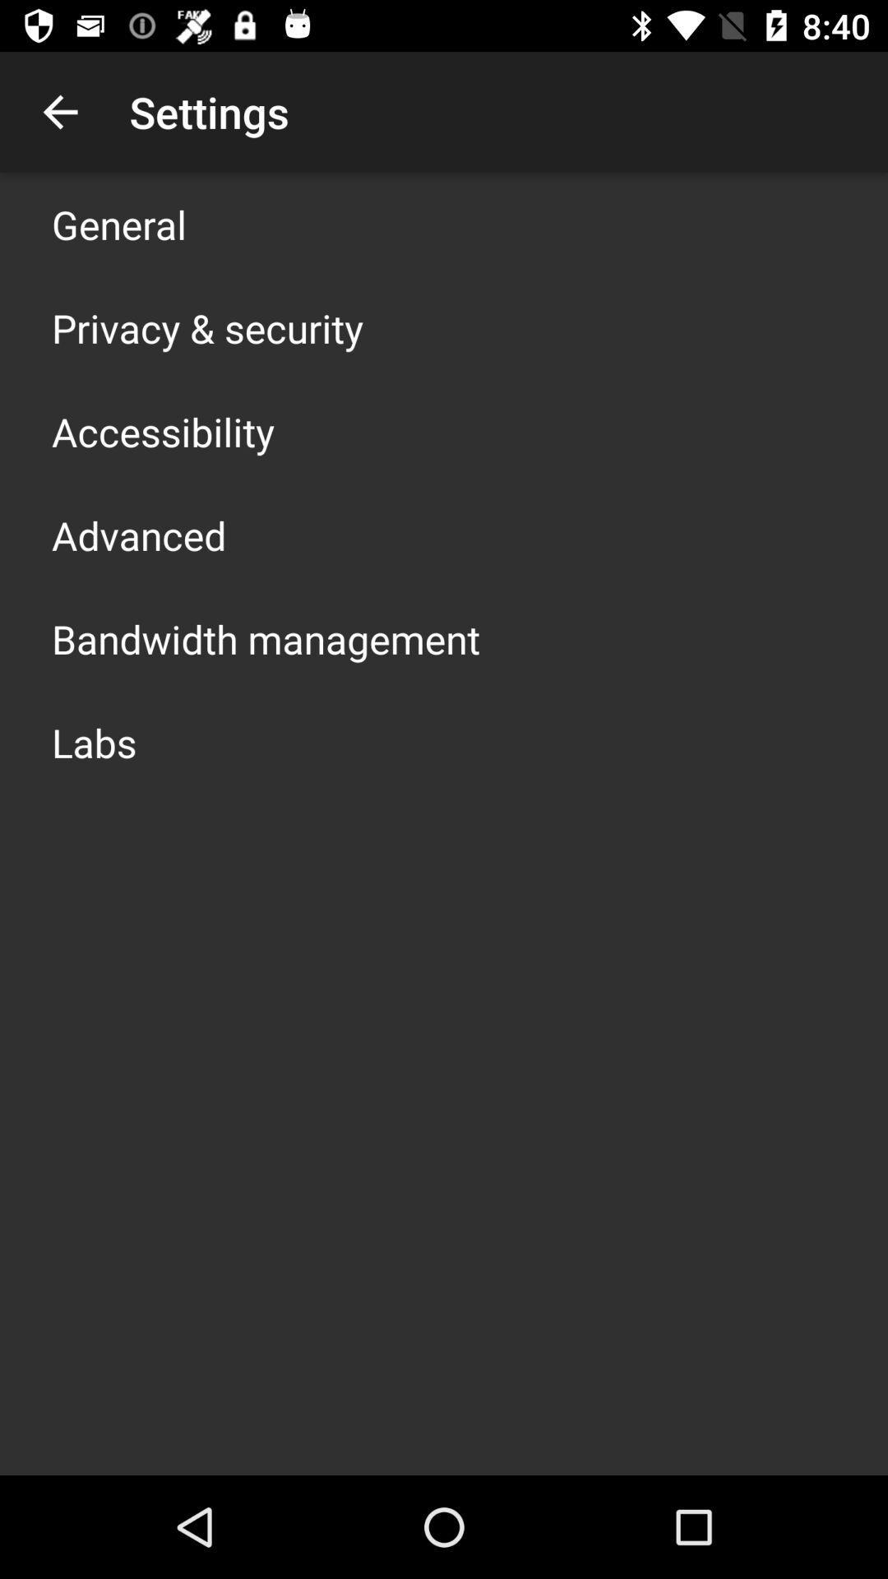 The width and height of the screenshot is (888, 1579). What do you see at coordinates (163, 431) in the screenshot?
I see `accessibility icon` at bounding box center [163, 431].